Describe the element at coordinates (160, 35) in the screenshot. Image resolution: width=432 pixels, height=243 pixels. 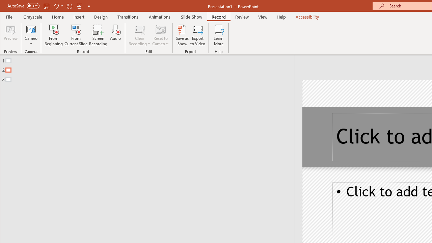
I see `'Reset to Cameo'` at that location.